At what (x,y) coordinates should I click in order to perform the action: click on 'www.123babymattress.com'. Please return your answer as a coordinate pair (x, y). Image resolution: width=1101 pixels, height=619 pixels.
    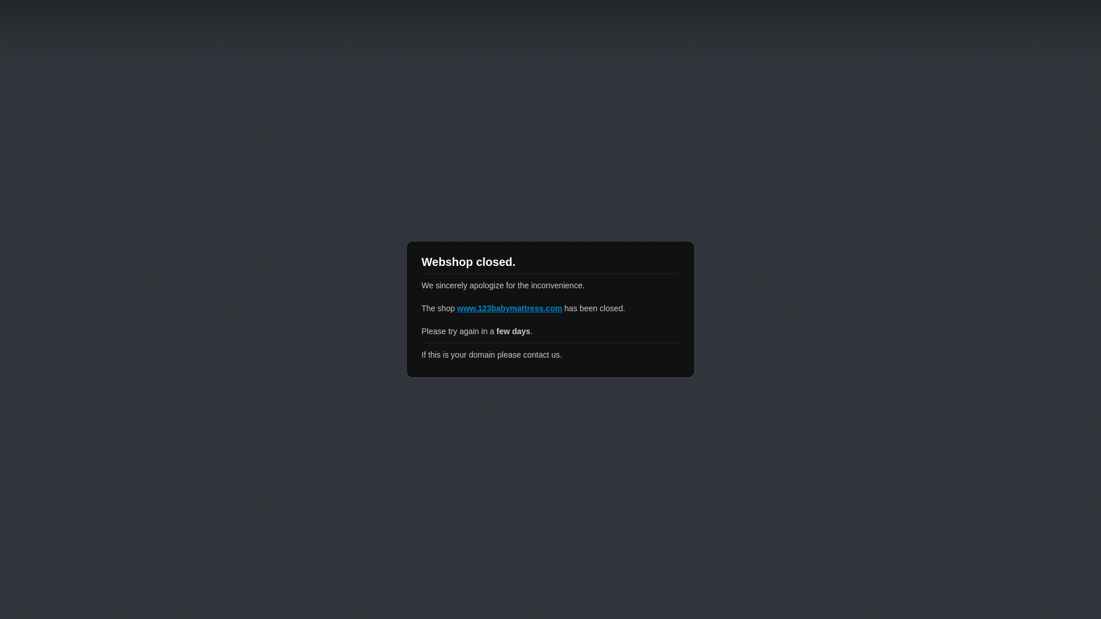
    Looking at the image, I should click on (509, 307).